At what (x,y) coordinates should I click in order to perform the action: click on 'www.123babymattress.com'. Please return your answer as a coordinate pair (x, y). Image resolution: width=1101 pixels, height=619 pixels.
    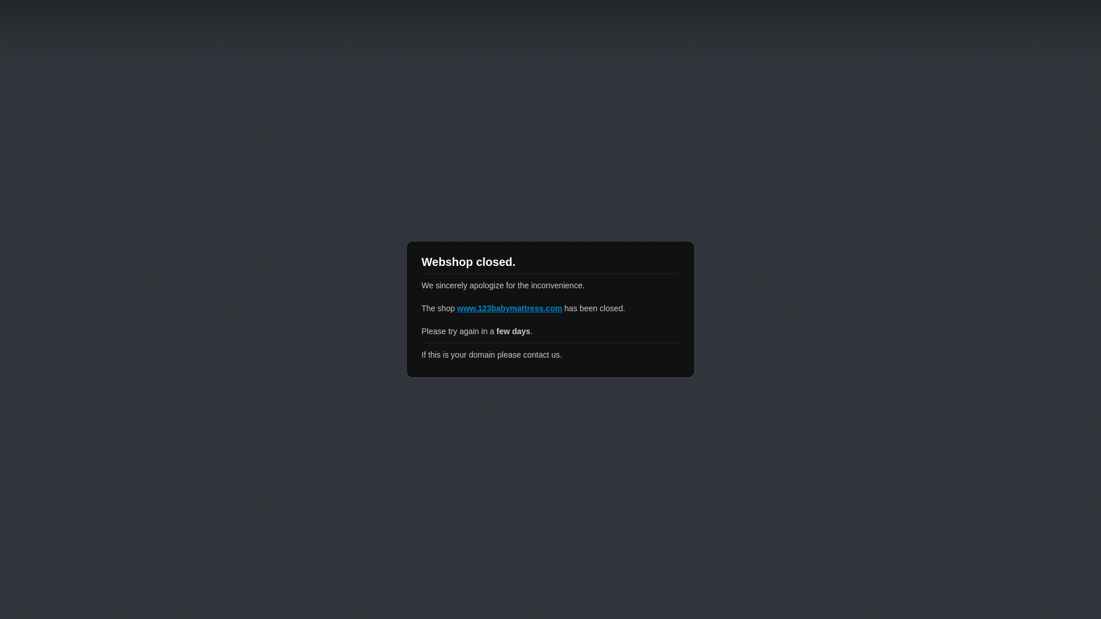
    Looking at the image, I should click on (509, 307).